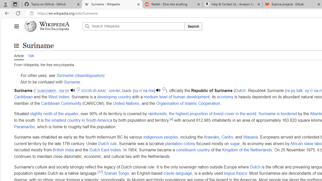  I want to click on 'Dutch rule', so click(107, 144).